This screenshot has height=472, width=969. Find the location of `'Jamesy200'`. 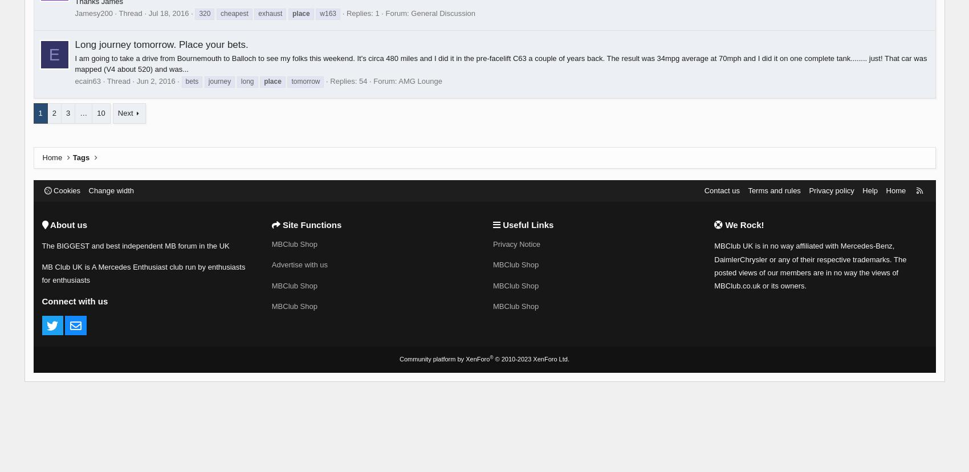

'Jamesy200' is located at coordinates (93, 13).